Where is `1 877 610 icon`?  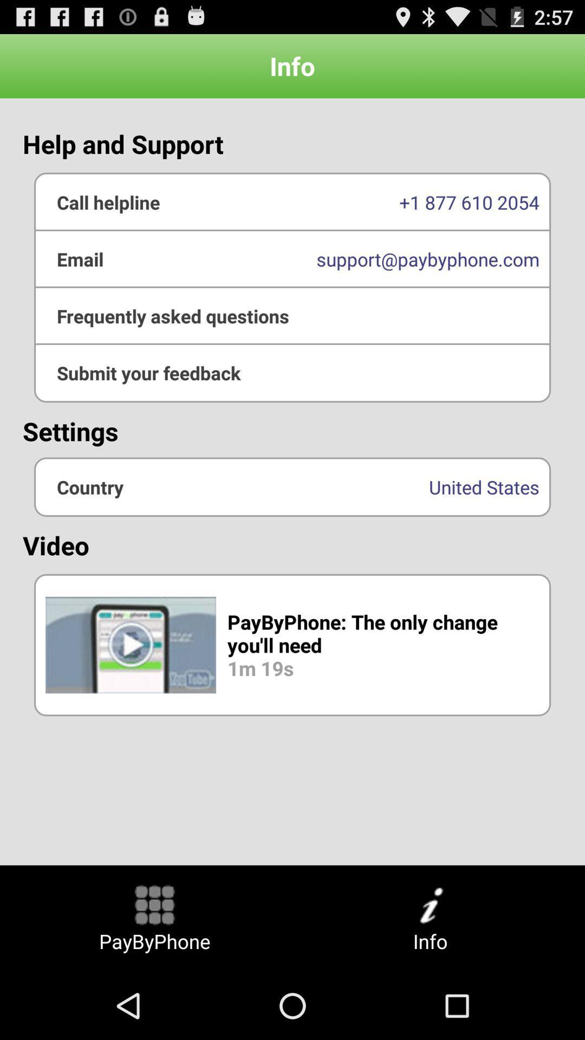
1 877 610 icon is located at coordinates (292, 202).